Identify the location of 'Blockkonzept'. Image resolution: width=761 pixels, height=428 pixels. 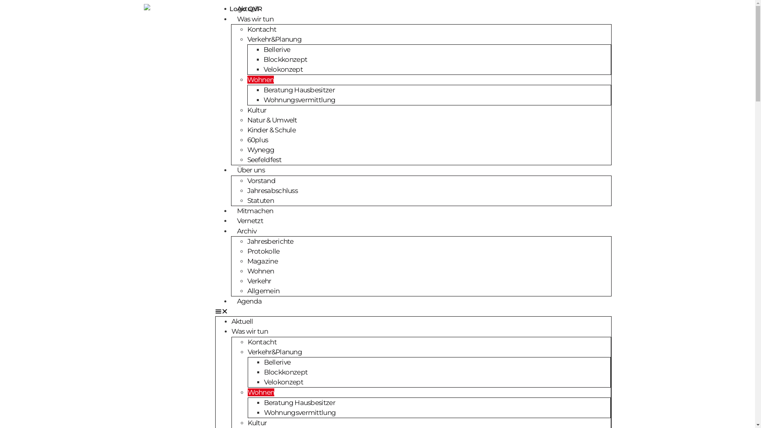
(285, 59).